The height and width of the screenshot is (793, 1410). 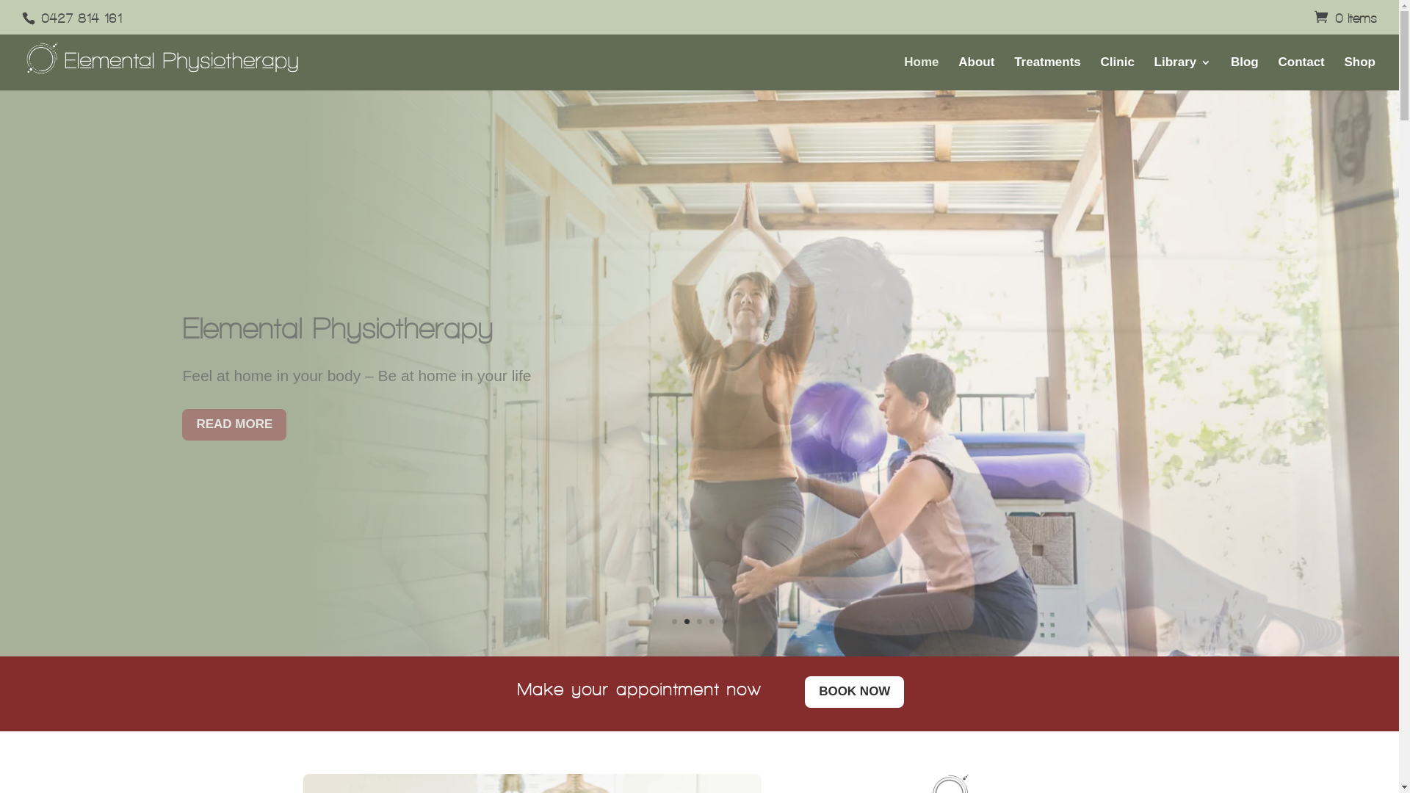 What do you see at coordinates (1359, 73) in the screenshot?
I see `'Shop'` at bounding box center [1359, 73].